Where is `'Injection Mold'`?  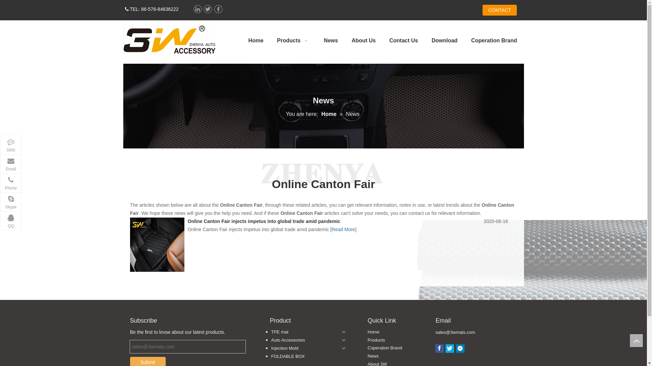
'Injection Mold' is located at coordinates (306, 348).